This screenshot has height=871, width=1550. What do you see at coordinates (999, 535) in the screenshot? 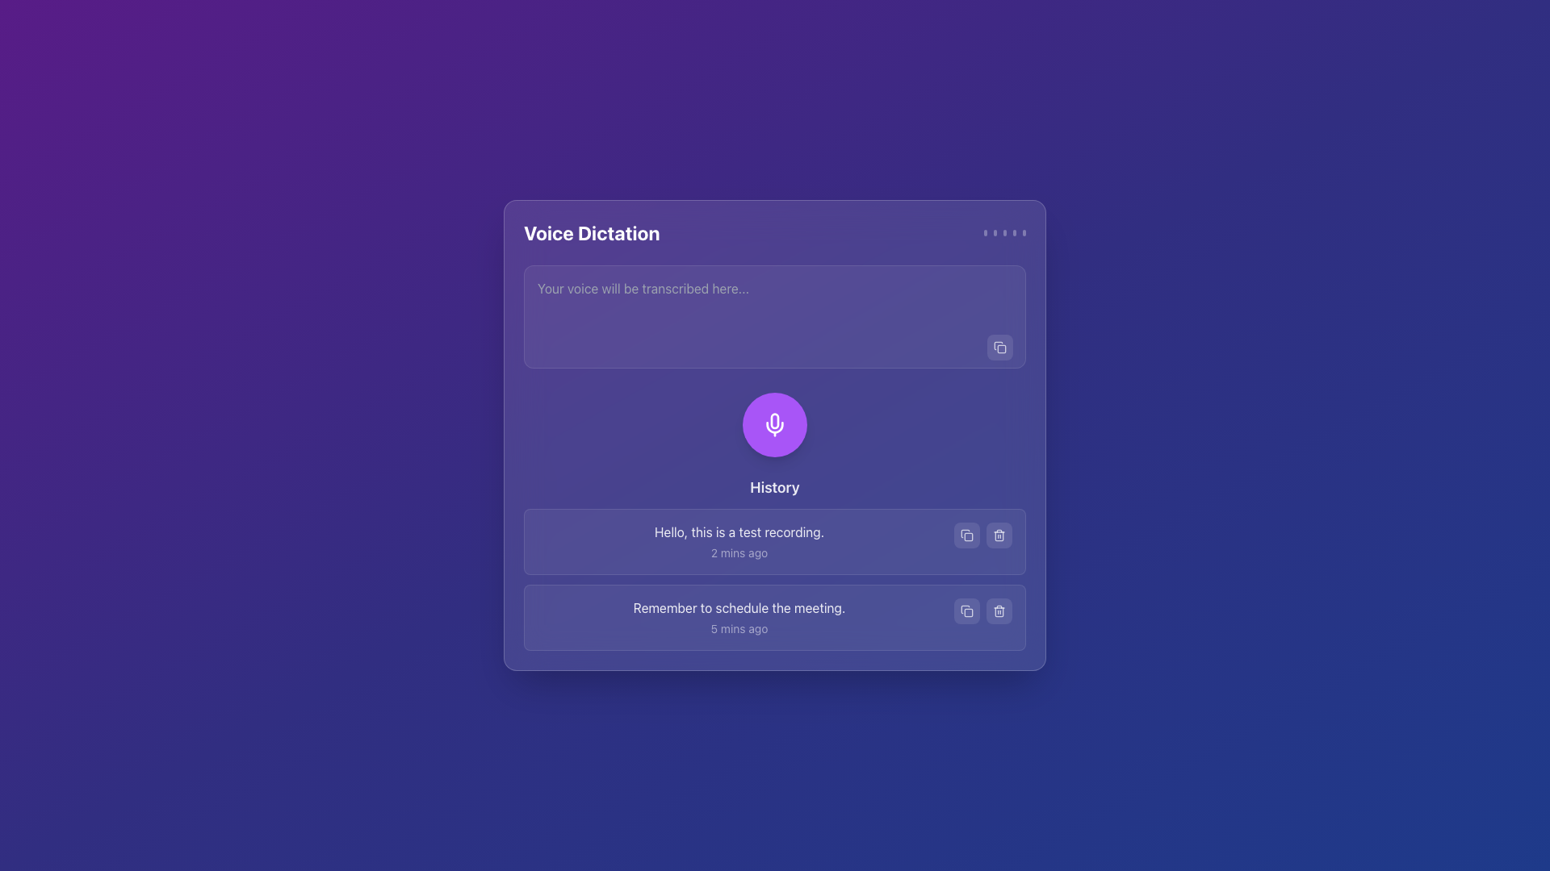
I see `the trash bin icon button, which has a white outline on a transparent background, located on the right-hand side of the second item in a list` at bounding box center [999, 535].